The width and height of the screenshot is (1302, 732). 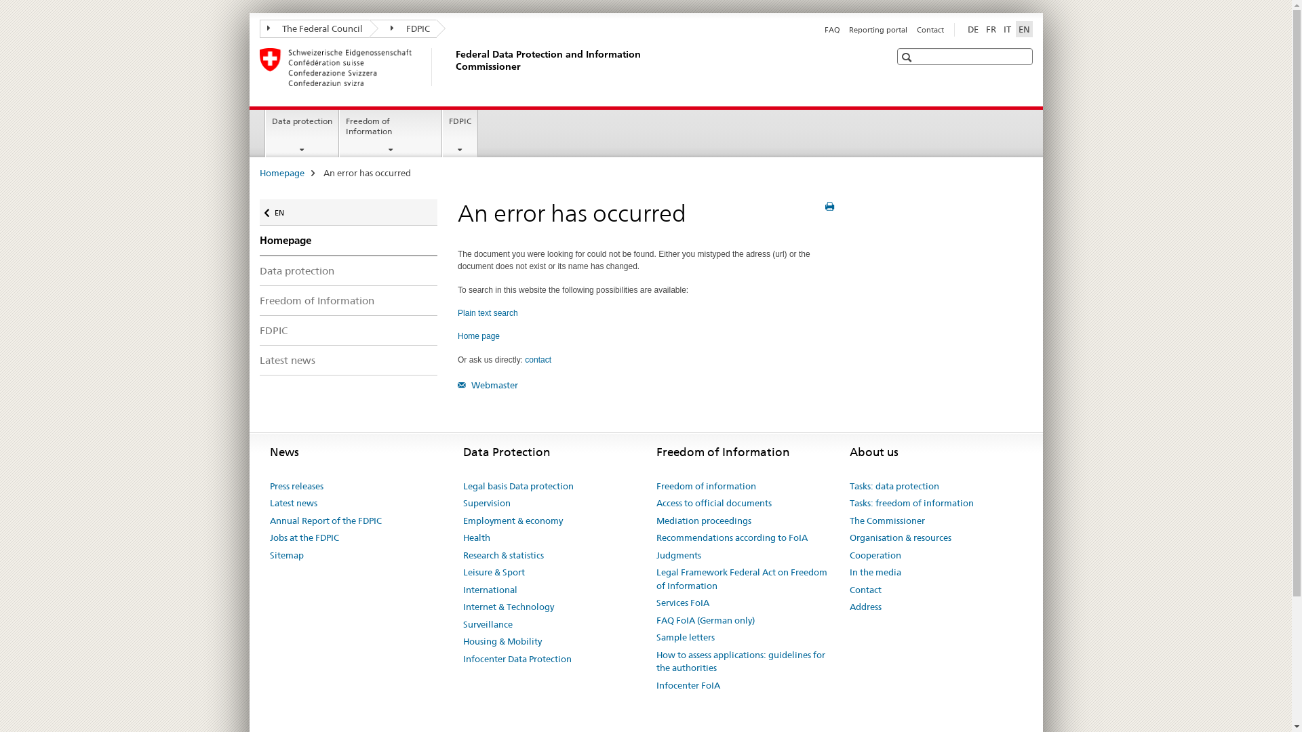 What do you see at coordinates (507, 606) in the screenshot?
I see `'Internet & Technology'` at bounding box center [507, 606].